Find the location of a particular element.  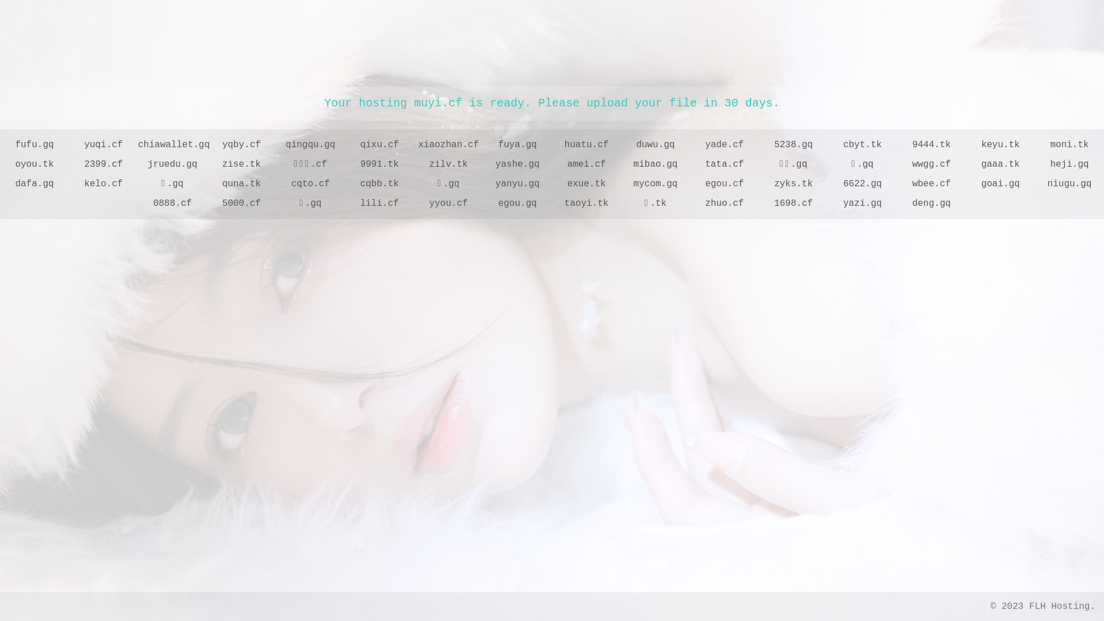

'qixu.cf' is located at coordinates (344, 144).